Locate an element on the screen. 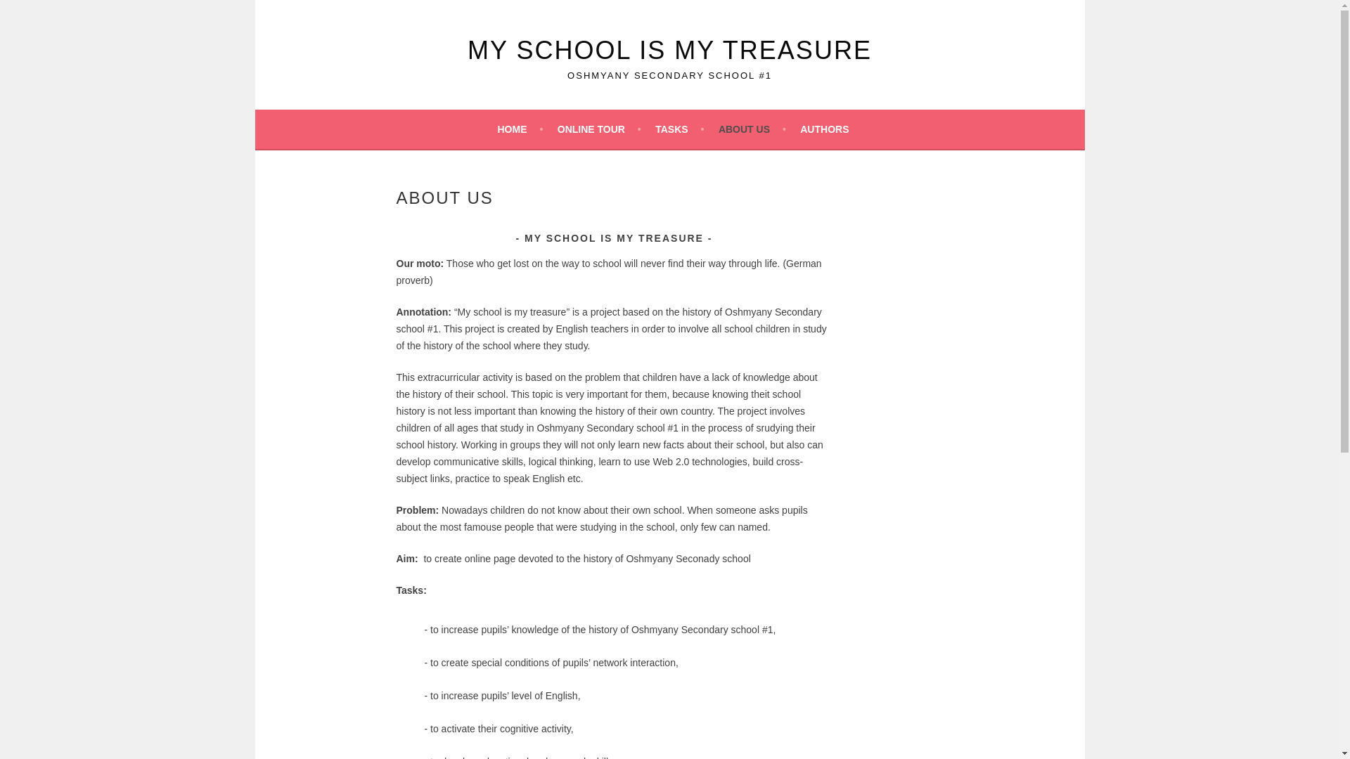 This screenshot has width=1350, height=759. 'TASKS' is located at coordinates (679, 129).